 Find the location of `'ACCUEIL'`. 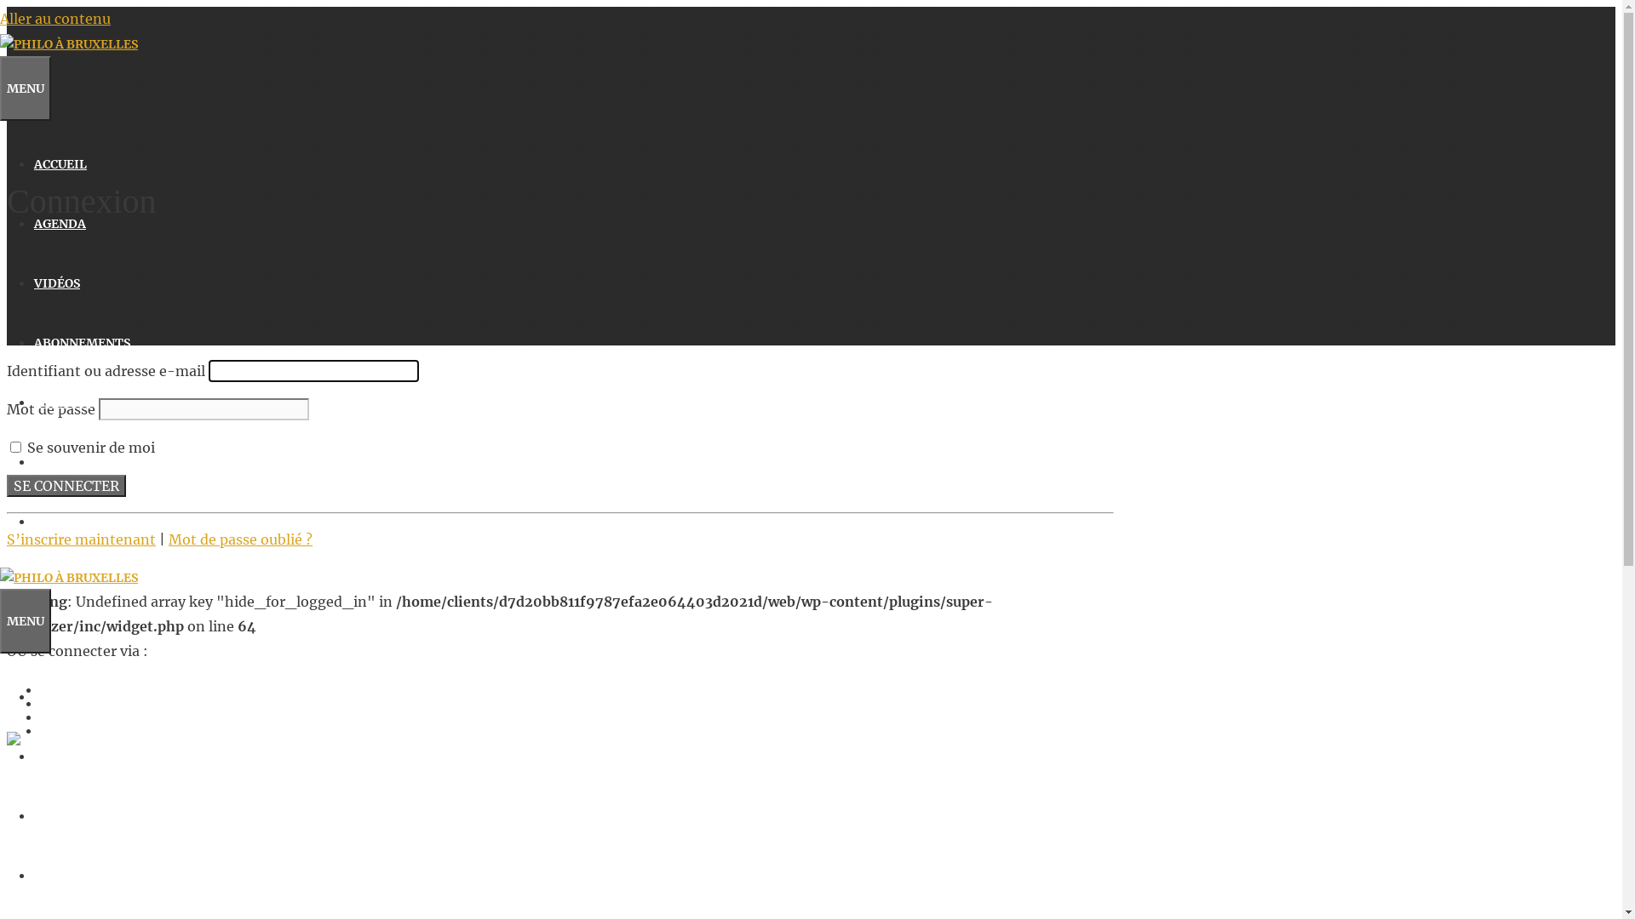

'ACCUEIL' is located at coordinates (60, 163).